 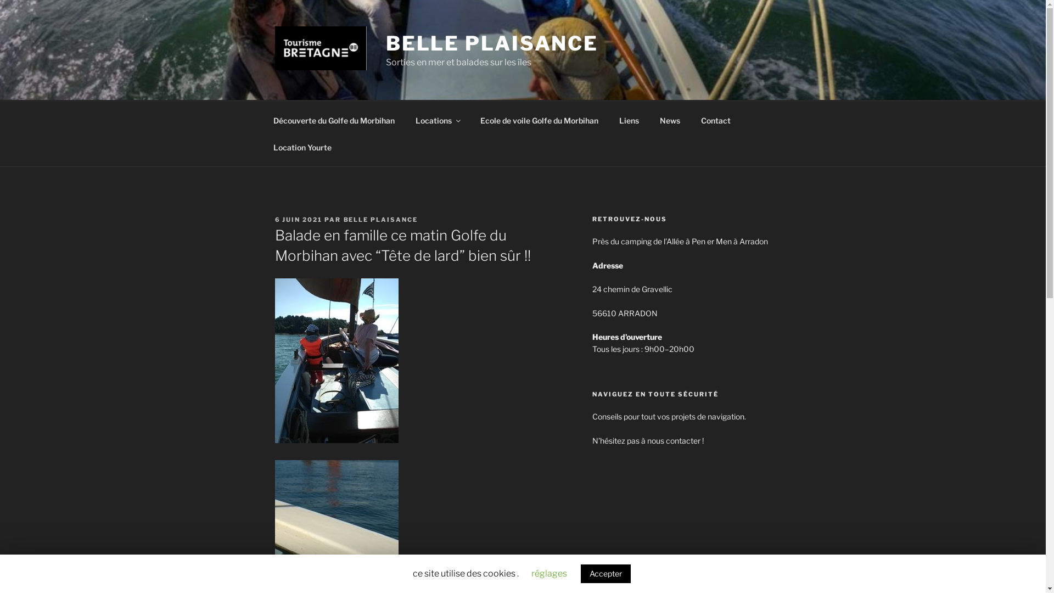 What do you see at coordinates (716, 120) in the screenshot?
I see `'Contact'` at bounding box center [716, 120].